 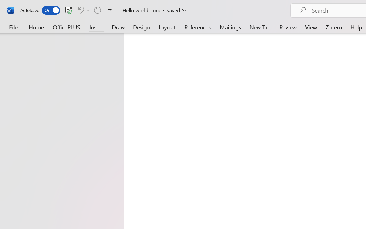 What do you see at coordinates (83, 10) in the screenshot?
I see `'Can'` at bounding box center [83, 10].